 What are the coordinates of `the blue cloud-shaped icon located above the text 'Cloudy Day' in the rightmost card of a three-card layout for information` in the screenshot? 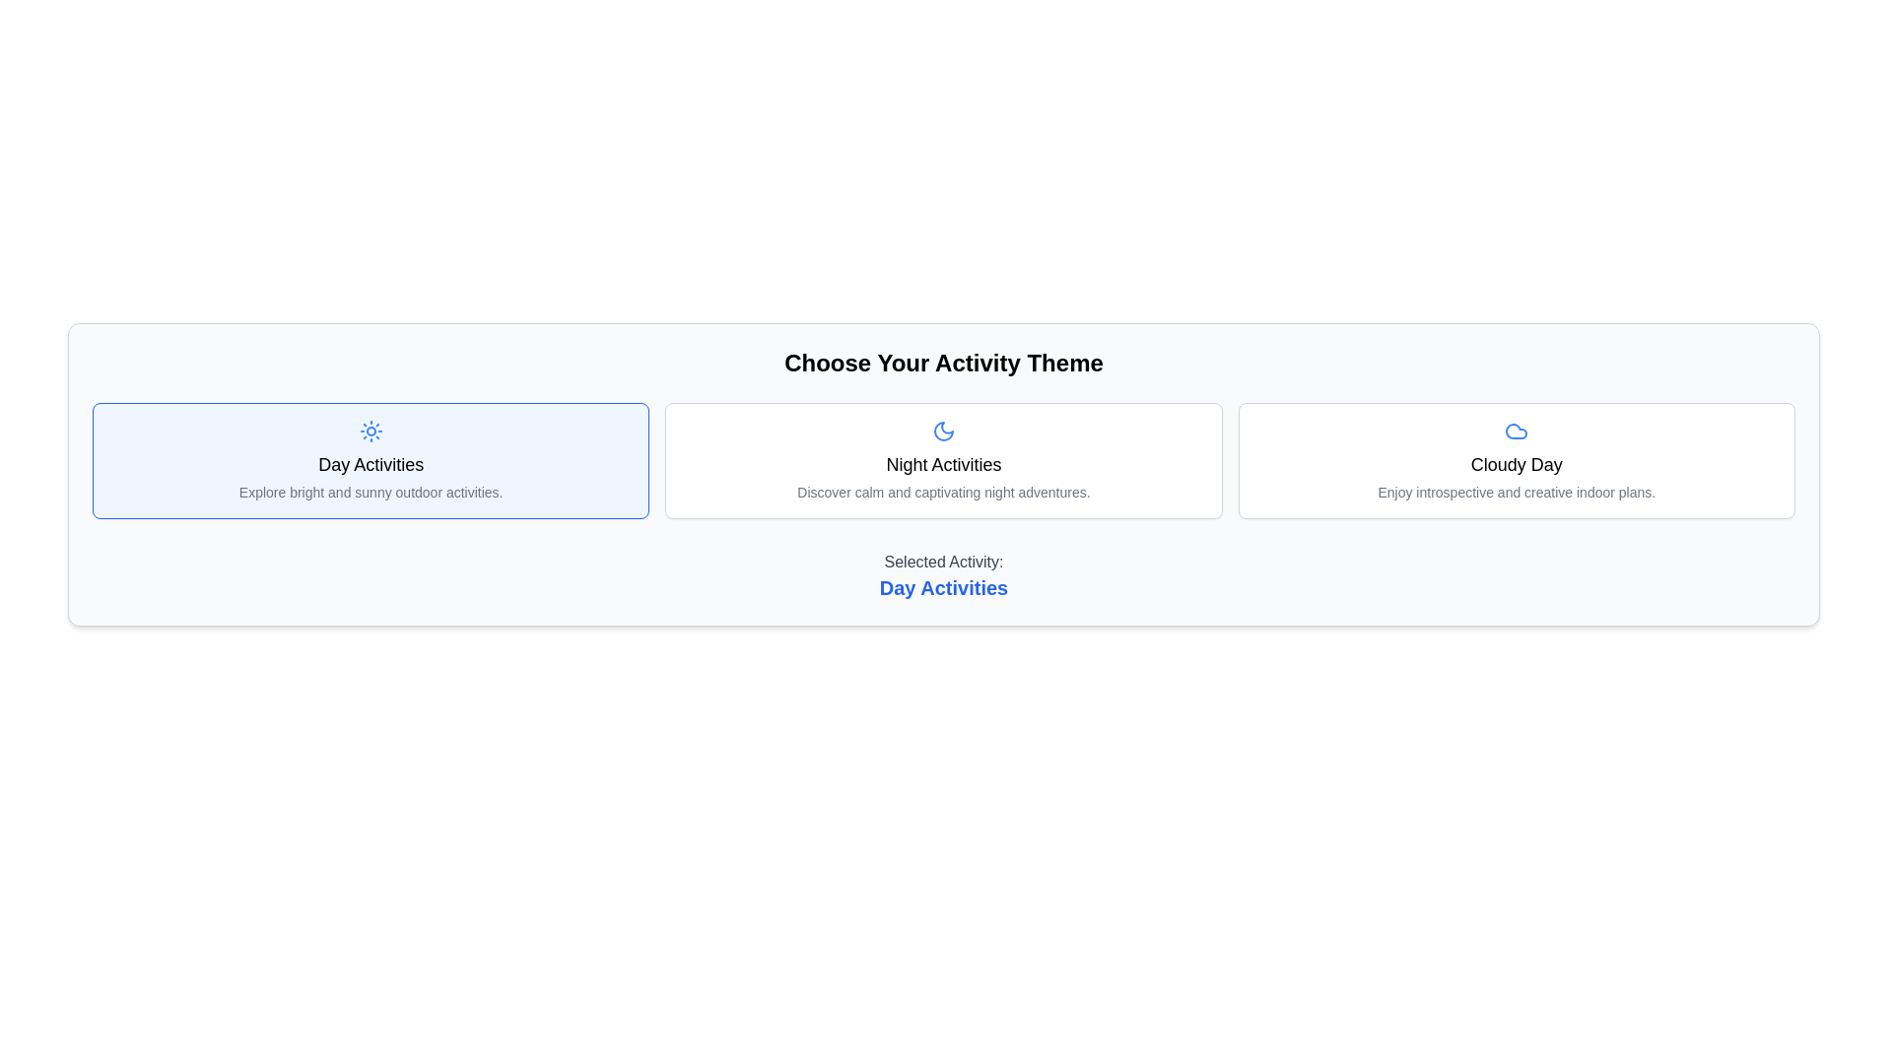 It's located at (1516, 431).